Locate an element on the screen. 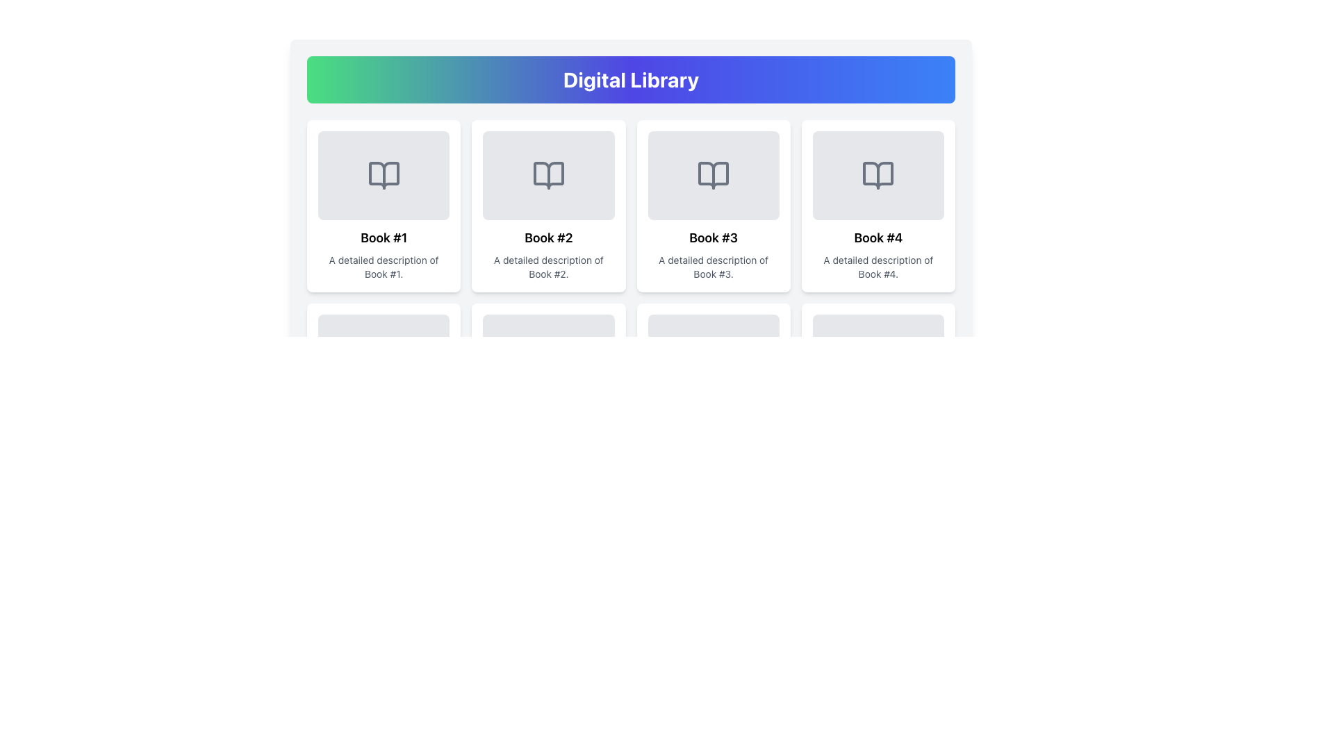  static text label 'Book #3' which is a bold heading located in the third card of a grid layout, positioned above the descriptive text is located at coordinates (714, 237).